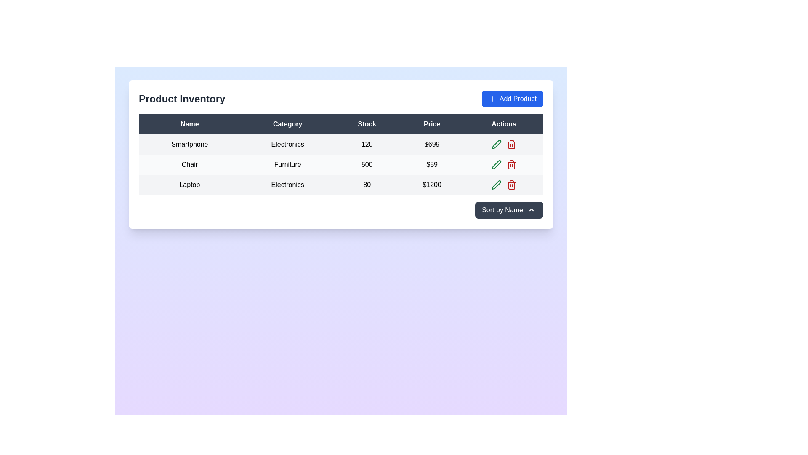 This screenshot has height=455, width=808. What do you see at coordinates (189, 164) in the screenshot?
I see `the static text label displaying 'Chair', located in the first cell of the second row under the 'Name' column of the product inventory list` at bounding box center [189, 164].